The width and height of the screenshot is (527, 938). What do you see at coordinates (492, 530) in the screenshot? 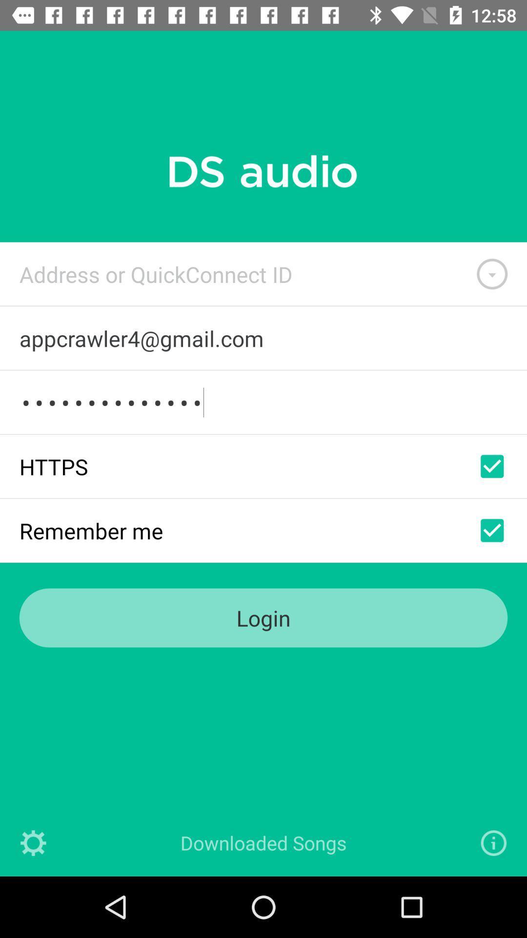
I see `remember me option` at bounding box center [492, 530].